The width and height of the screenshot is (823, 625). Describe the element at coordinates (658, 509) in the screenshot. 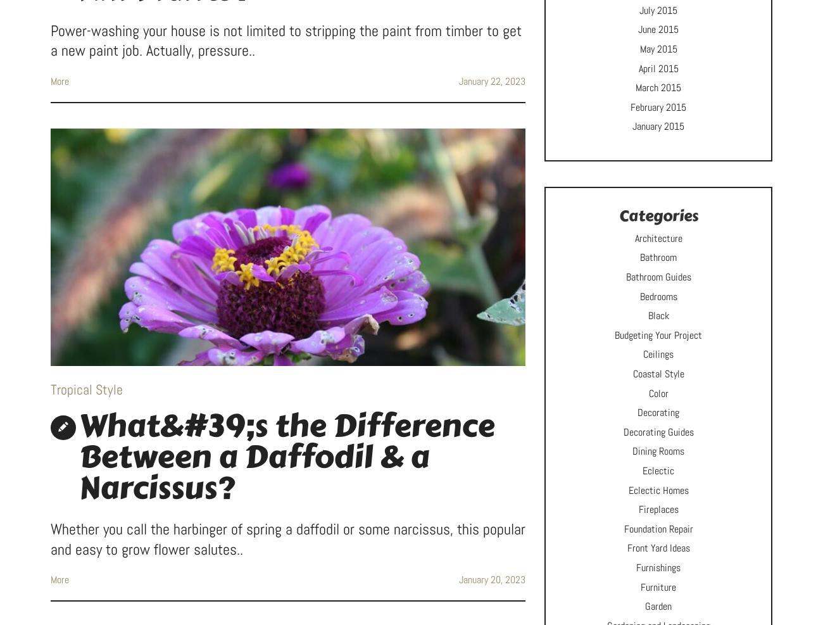

I see `'Fireplaces'` at that location.